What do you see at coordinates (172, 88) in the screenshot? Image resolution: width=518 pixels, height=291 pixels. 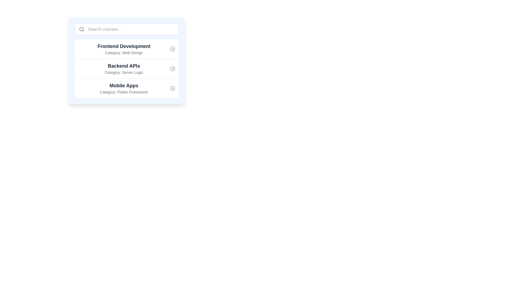 I see `the navigational icon resembling a right arrow inside a circular boundary located at the far-right end of the 'Mobile Apps' section` at bounding box center [172, 88].